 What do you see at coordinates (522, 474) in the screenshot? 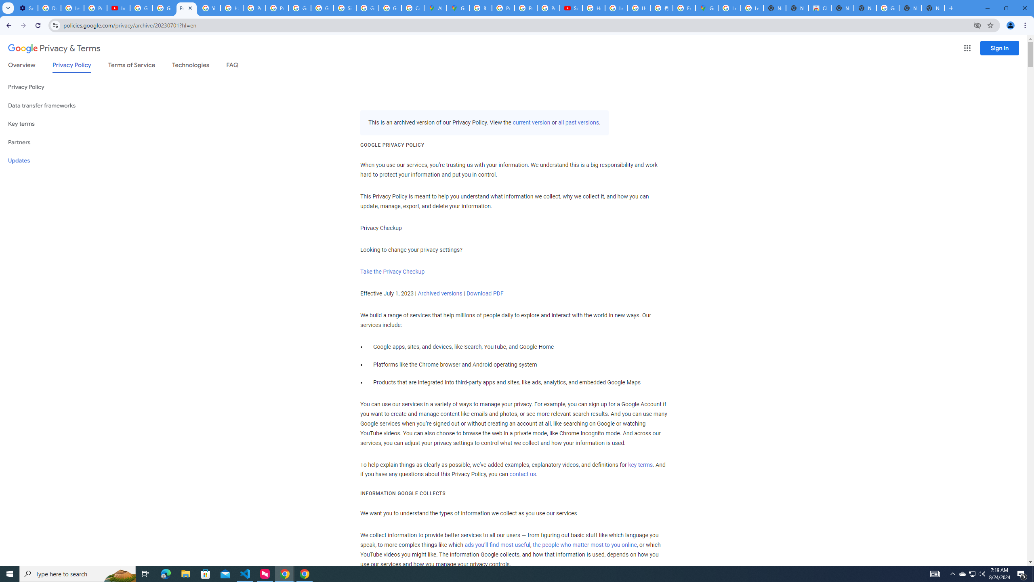
I see `'contact us'` at bounding box center [522, 474].